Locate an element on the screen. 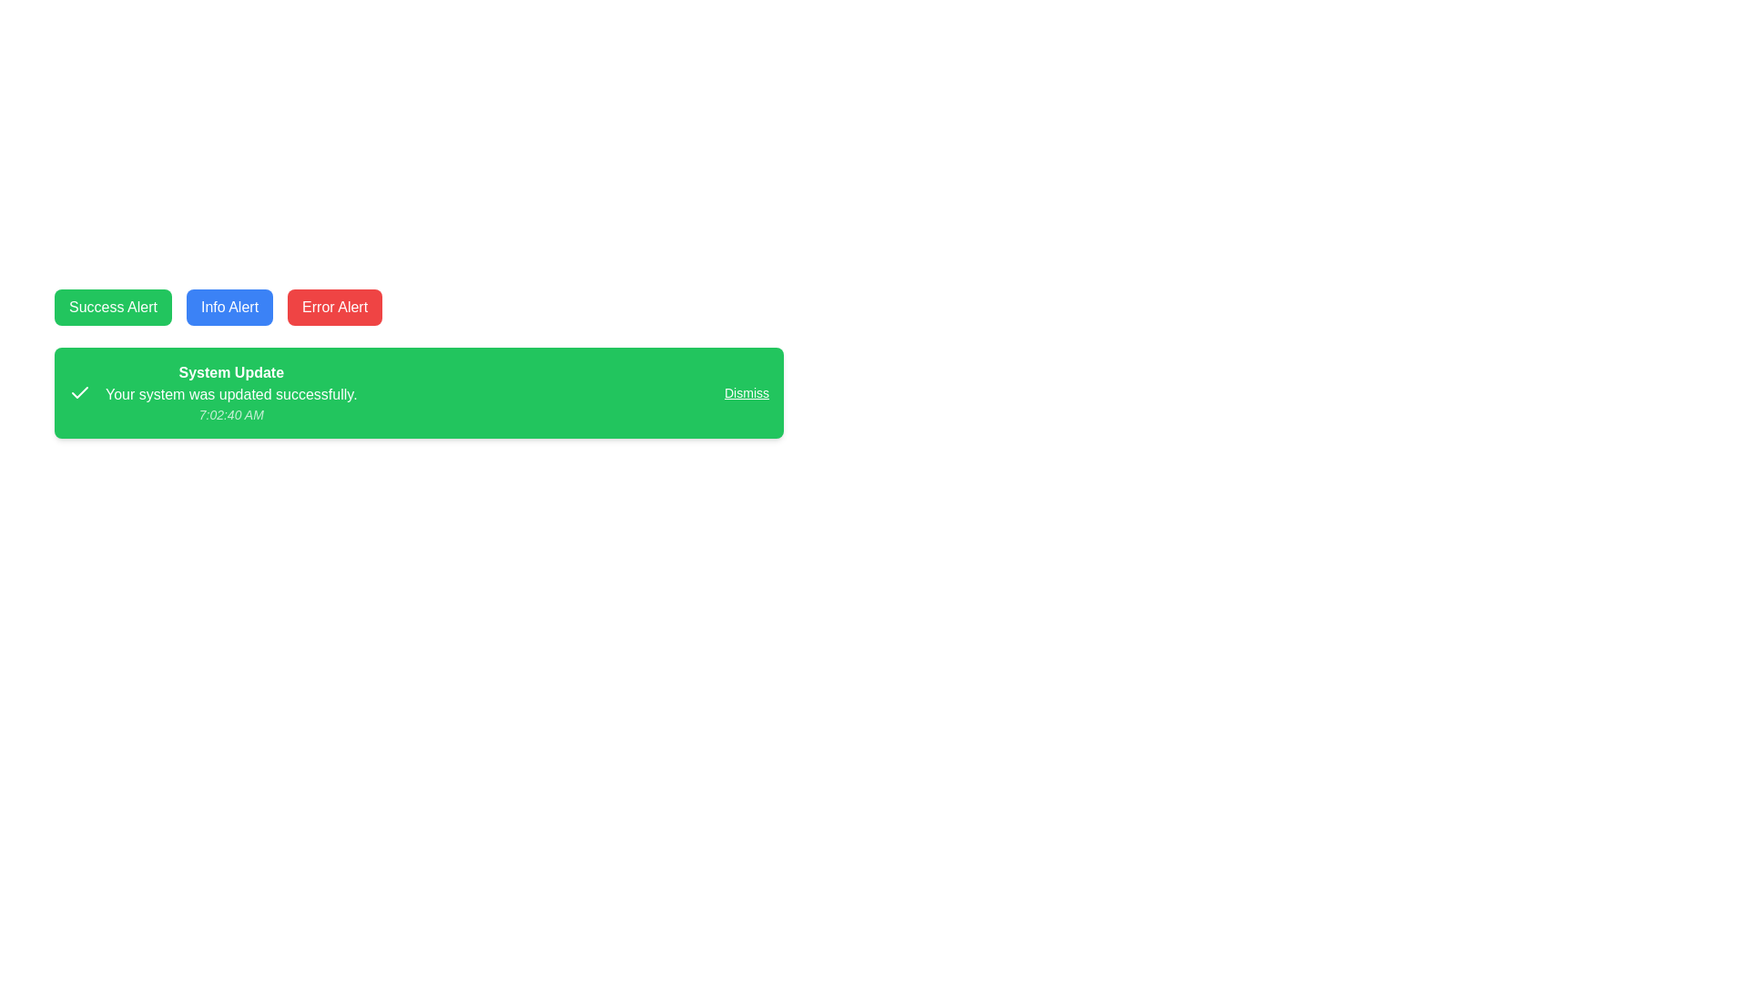 This screenshot has height=983, width=1748. the checkmark icon within the green success alert box that indicates a successful operation, located to the left of the 'System Update' text is located at coordinates (78, 391).